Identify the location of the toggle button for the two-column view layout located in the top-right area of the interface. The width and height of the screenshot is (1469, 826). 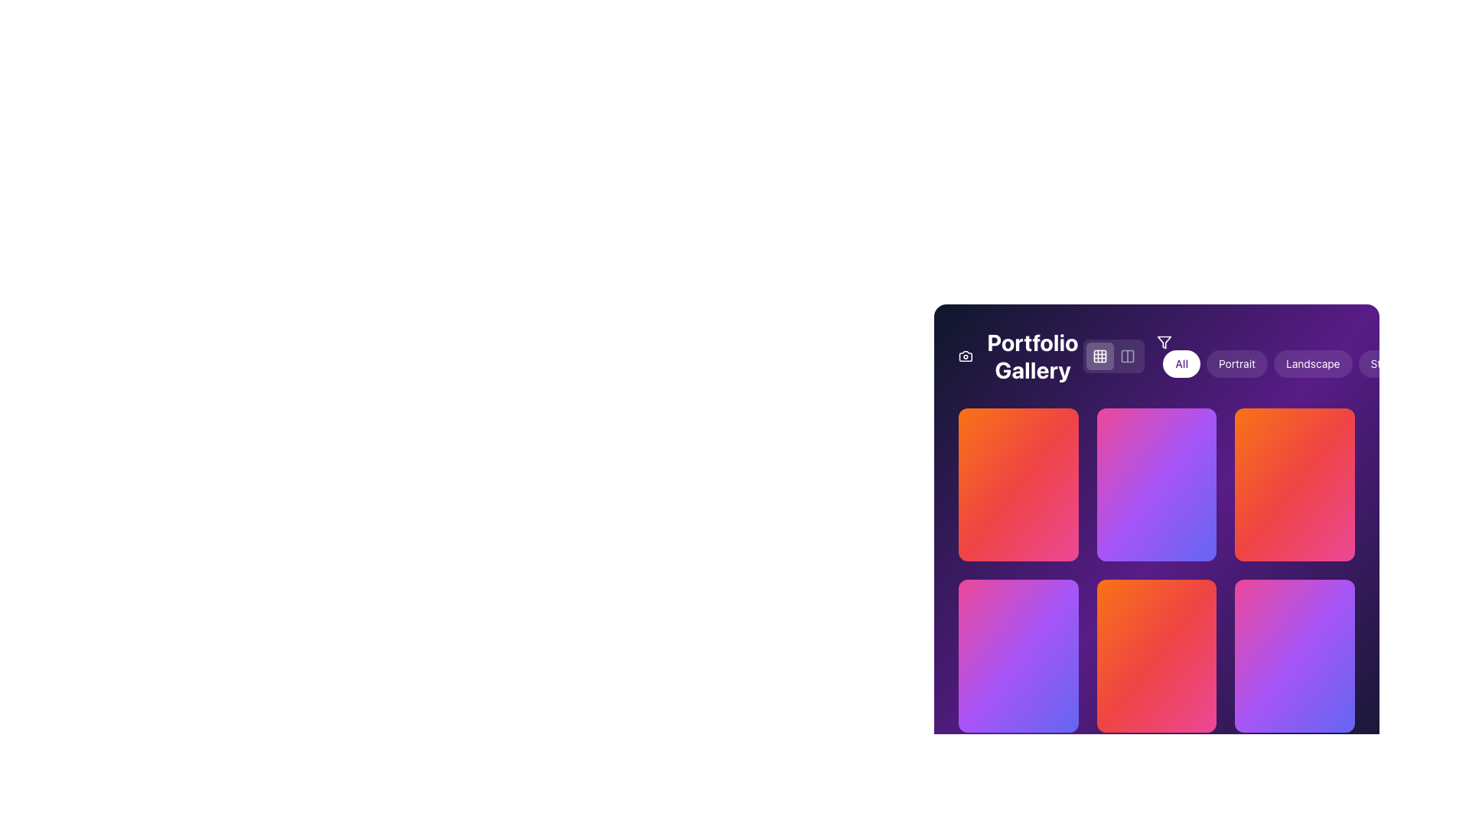
(1128, 356).